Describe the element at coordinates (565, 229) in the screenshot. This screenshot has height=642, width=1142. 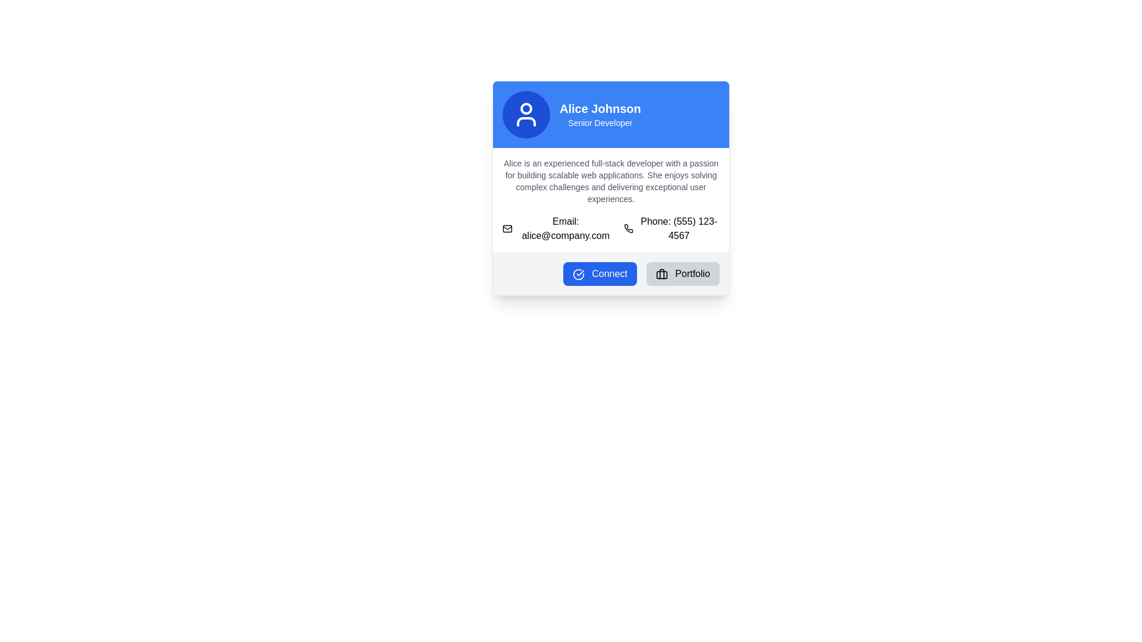
I see `the text element displaying an email address labeled 'Email:', which is positioned to the right of an email icon within a horizontally aligned section` at that location.